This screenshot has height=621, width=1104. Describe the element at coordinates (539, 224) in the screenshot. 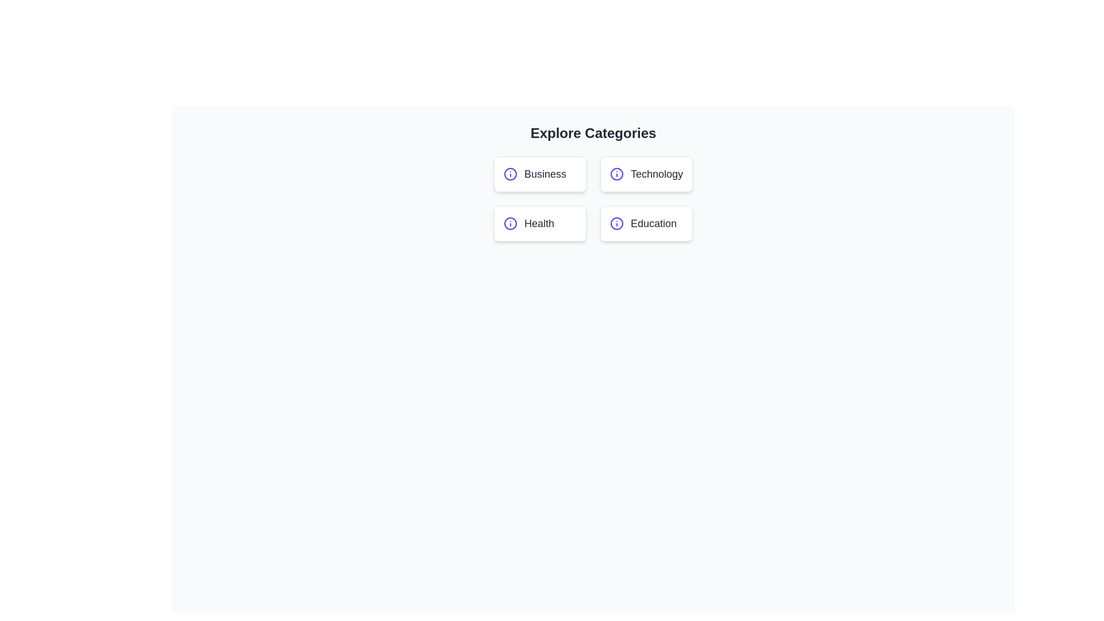

I see `the third Clickable Category Option labeled 'Health'` at that location.